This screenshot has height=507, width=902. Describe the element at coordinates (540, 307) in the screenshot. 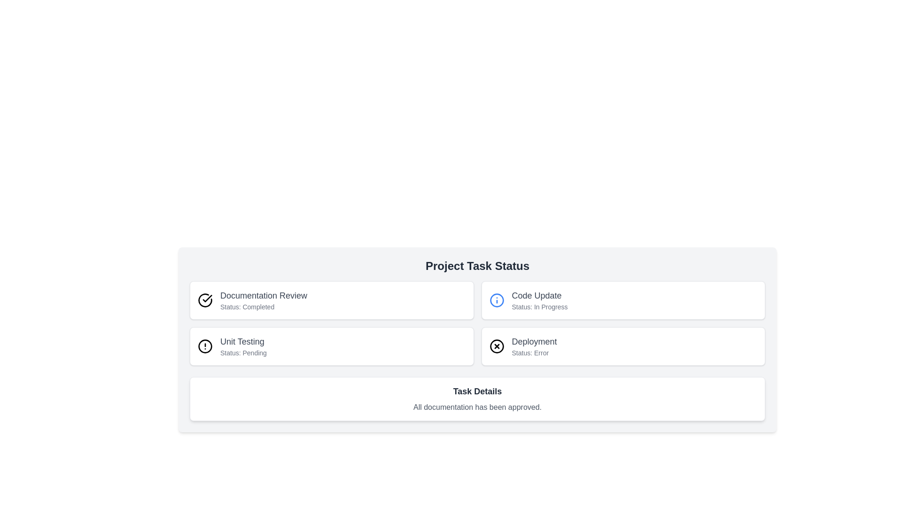

I see `the text label displaying 'Status: In Progress' located below the 'Code Update' header, positioned centrally in the top-right quadrant of the interface` at that location.